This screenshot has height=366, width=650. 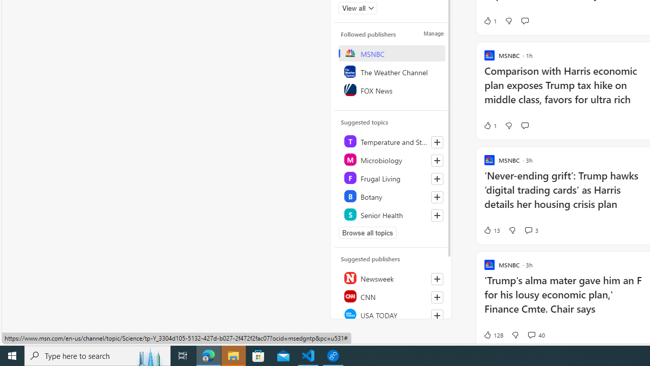 What do you see at coordinates (391, 89) in the screenshot?
I see `'FOX News'` at bounding box center [391, 89].